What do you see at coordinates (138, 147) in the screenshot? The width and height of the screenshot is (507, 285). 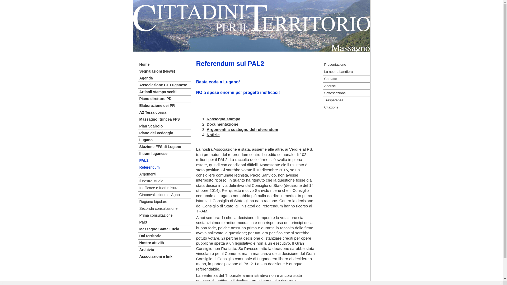 I see `'Stazione FFS di Lugano'` at bounding box center [138, 147].